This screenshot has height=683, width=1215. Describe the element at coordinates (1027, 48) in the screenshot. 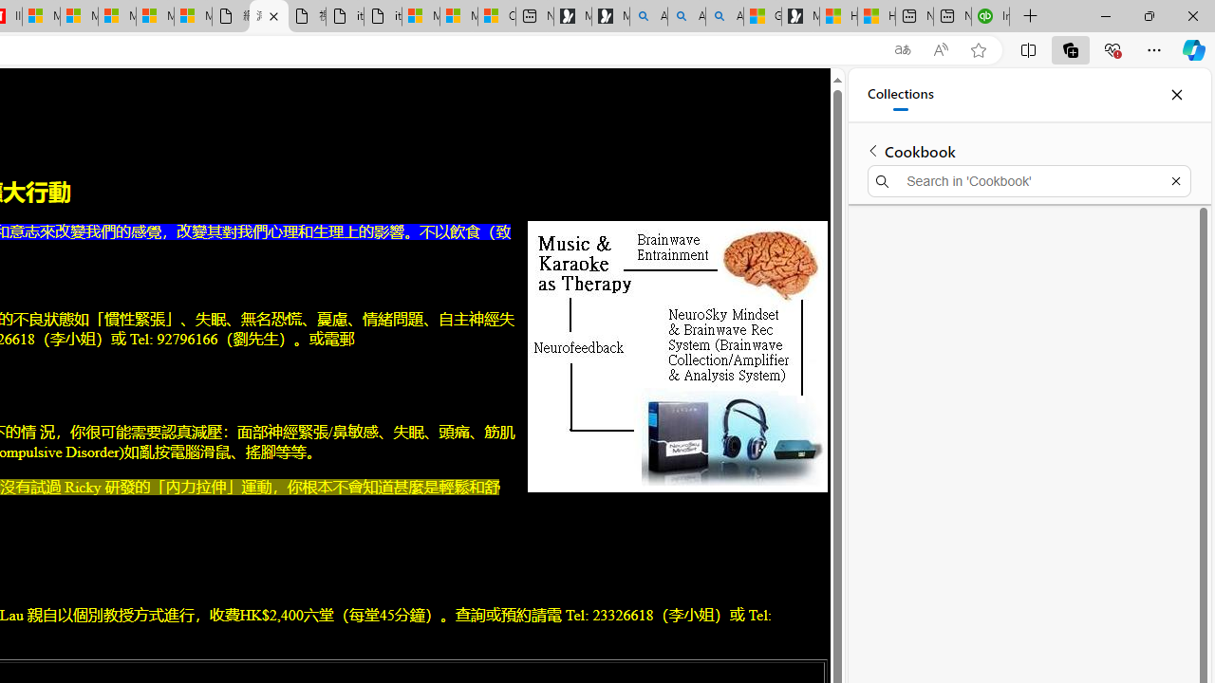

I see `'Split screen'` at that location.